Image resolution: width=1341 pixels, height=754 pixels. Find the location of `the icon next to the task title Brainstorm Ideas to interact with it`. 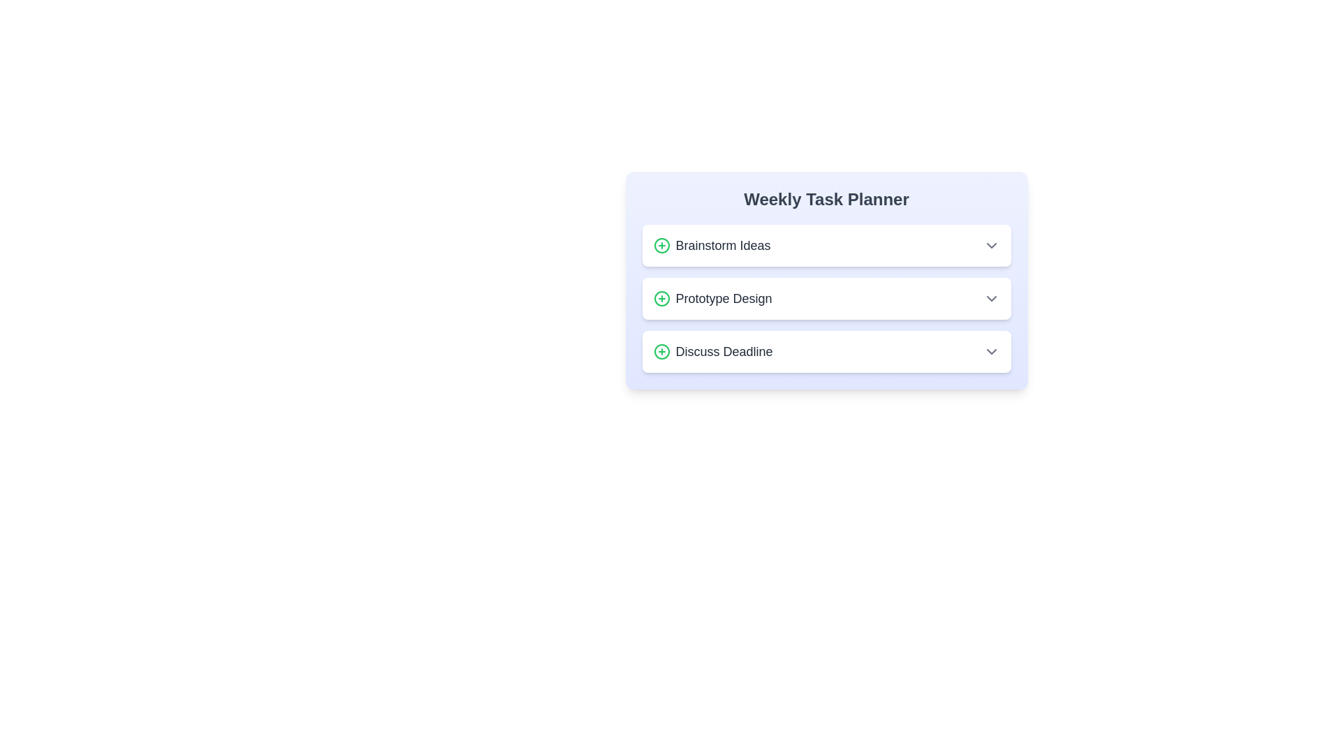

the icon next to the task title Brainstorm Ideas to interact with it is located at coordinates (661, 244).